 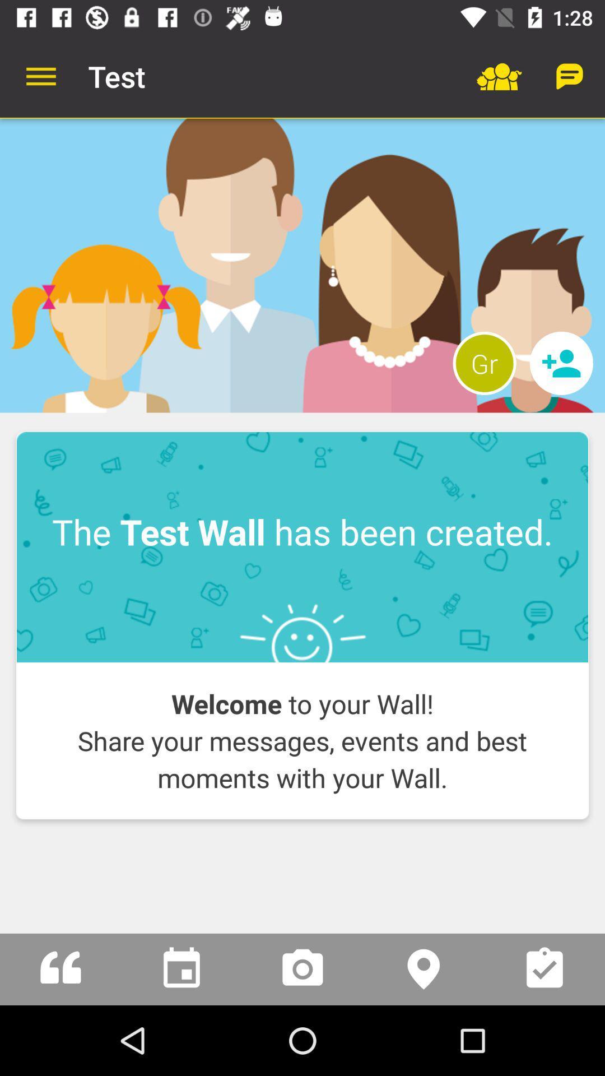 I want to click on the welcome to your item, so click(x=302, y=740).